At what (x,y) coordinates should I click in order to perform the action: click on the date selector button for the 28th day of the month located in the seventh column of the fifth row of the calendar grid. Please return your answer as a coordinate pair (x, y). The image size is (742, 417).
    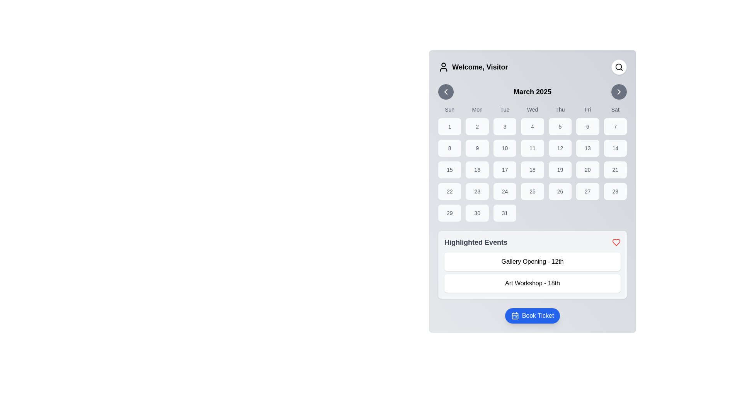
    Looking at the image, I should click on (615, 191).